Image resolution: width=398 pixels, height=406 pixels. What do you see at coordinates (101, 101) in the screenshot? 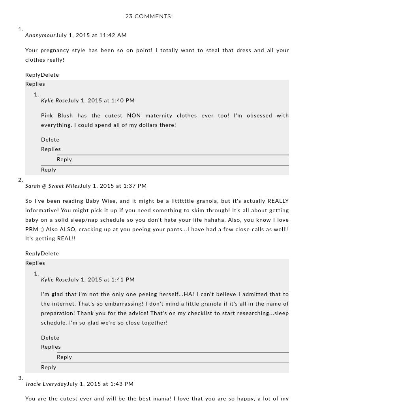
I see `'July 1, 2015 at 1:40 PM'` at bounding box center [101, 101].